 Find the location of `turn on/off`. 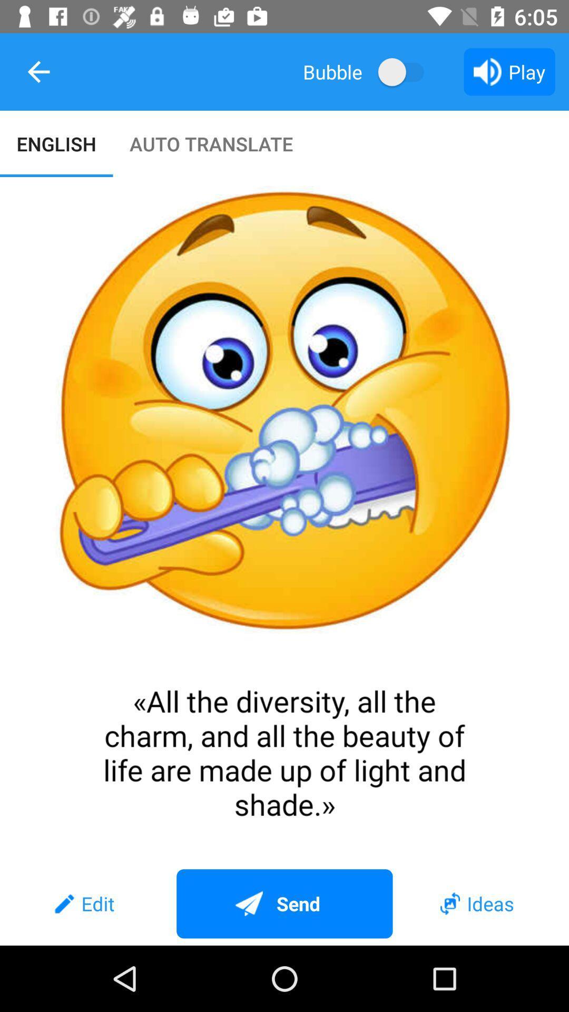

turn on/off is located at coordinates (406, 71).